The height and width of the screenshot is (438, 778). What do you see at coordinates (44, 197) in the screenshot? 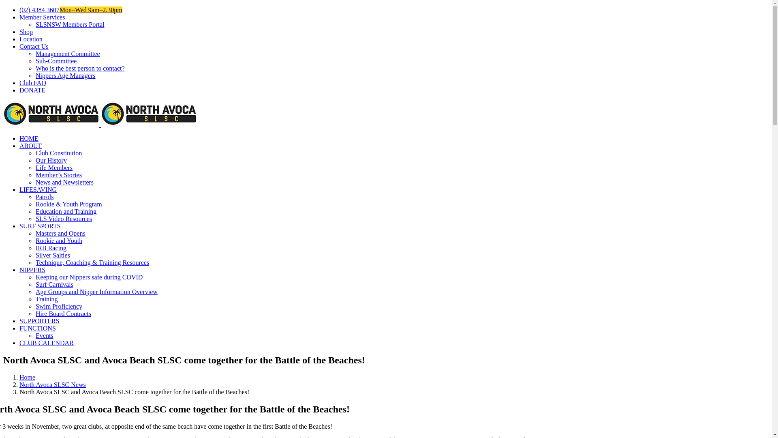
I see `'Patrols'` at bounding box center [44, 197].